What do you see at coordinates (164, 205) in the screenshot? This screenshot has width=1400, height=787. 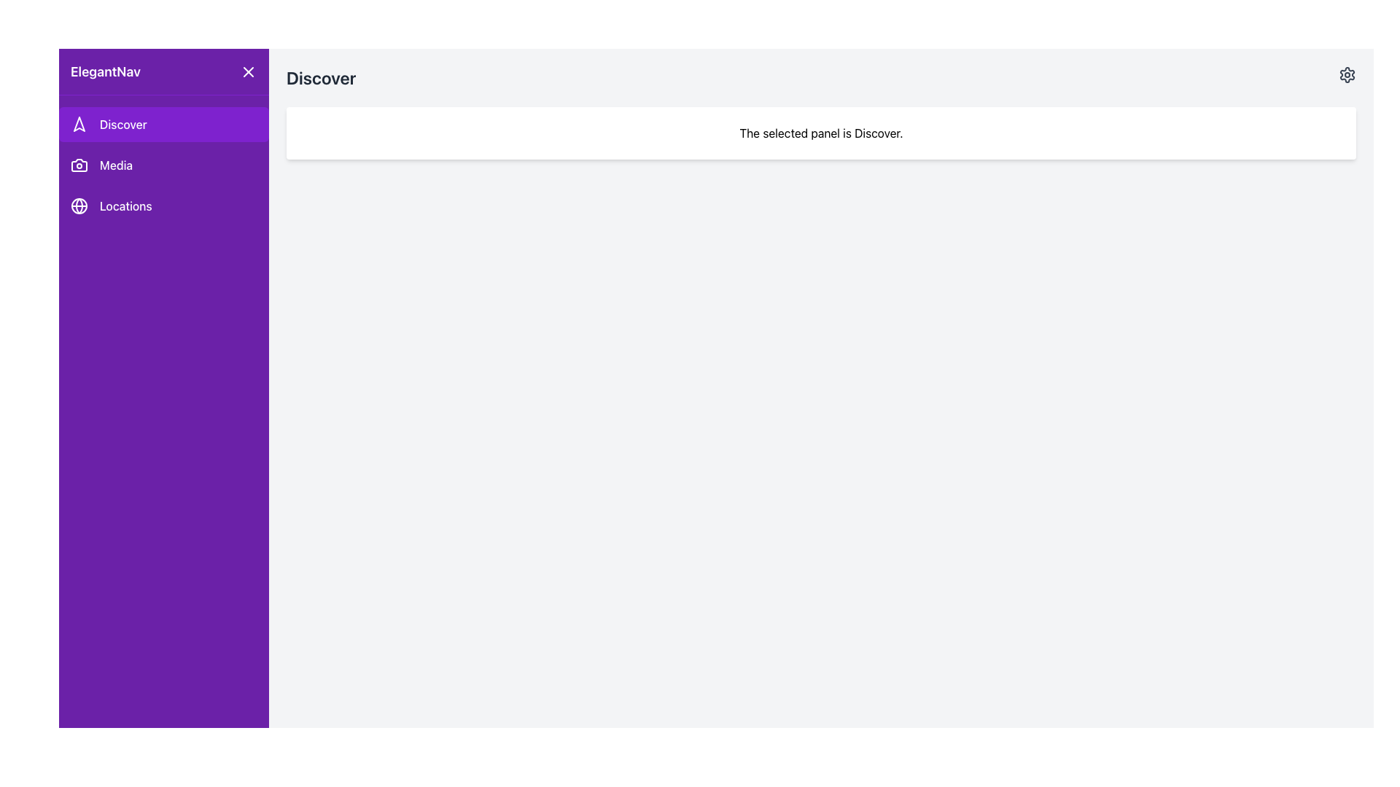 I see `the 'Locations' button in the purple sidebar navigation menu` at bounding box center [164, 205].